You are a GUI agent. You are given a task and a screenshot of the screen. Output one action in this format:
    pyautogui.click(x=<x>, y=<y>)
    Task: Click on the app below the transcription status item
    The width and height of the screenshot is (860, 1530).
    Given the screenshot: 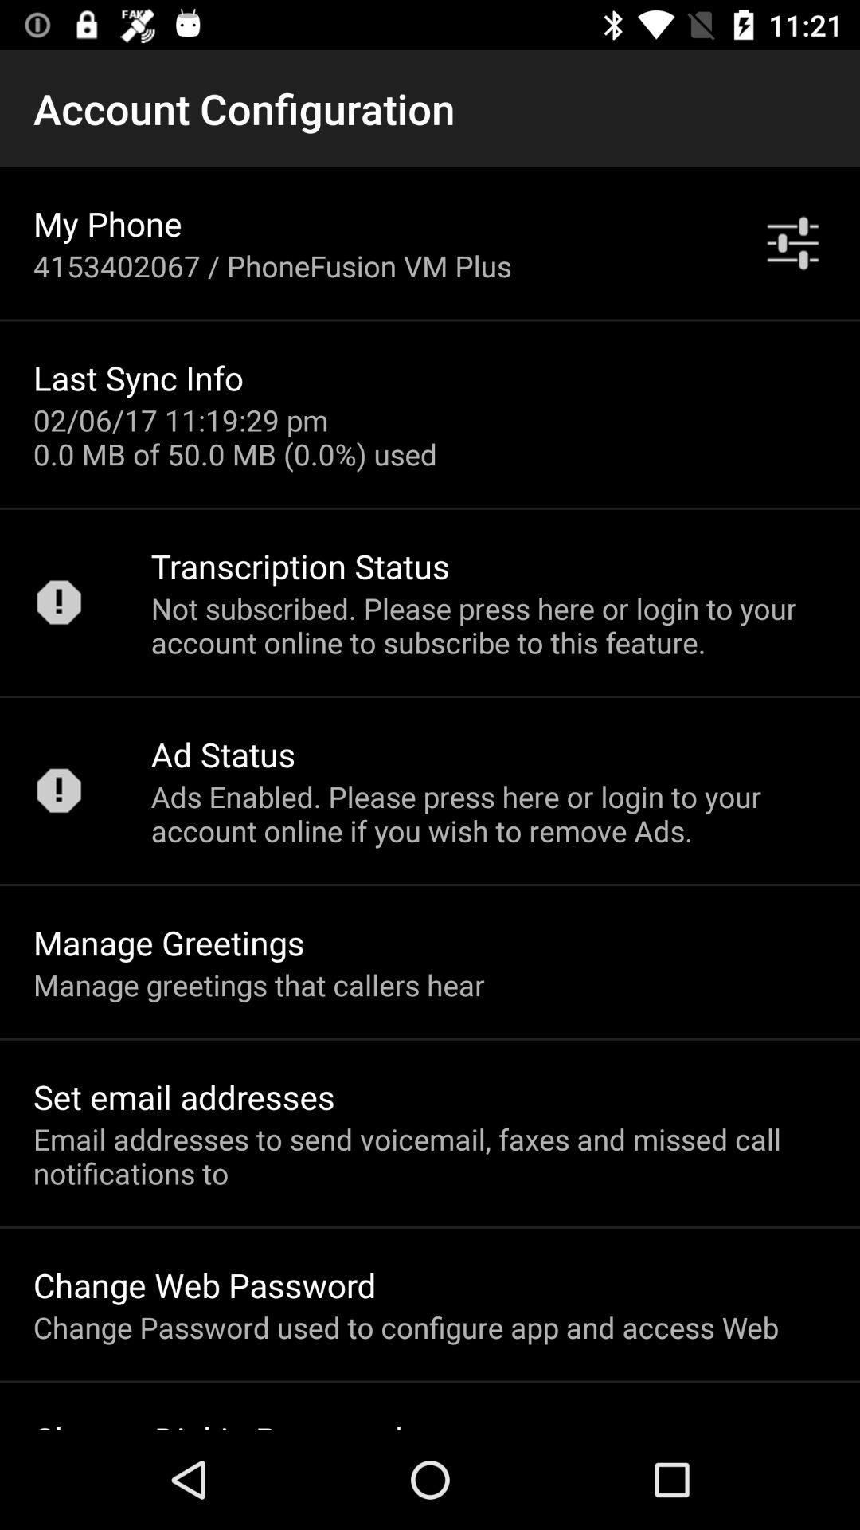 What is the action you would take?
    pyautogui.click(x=487, y=624)
    